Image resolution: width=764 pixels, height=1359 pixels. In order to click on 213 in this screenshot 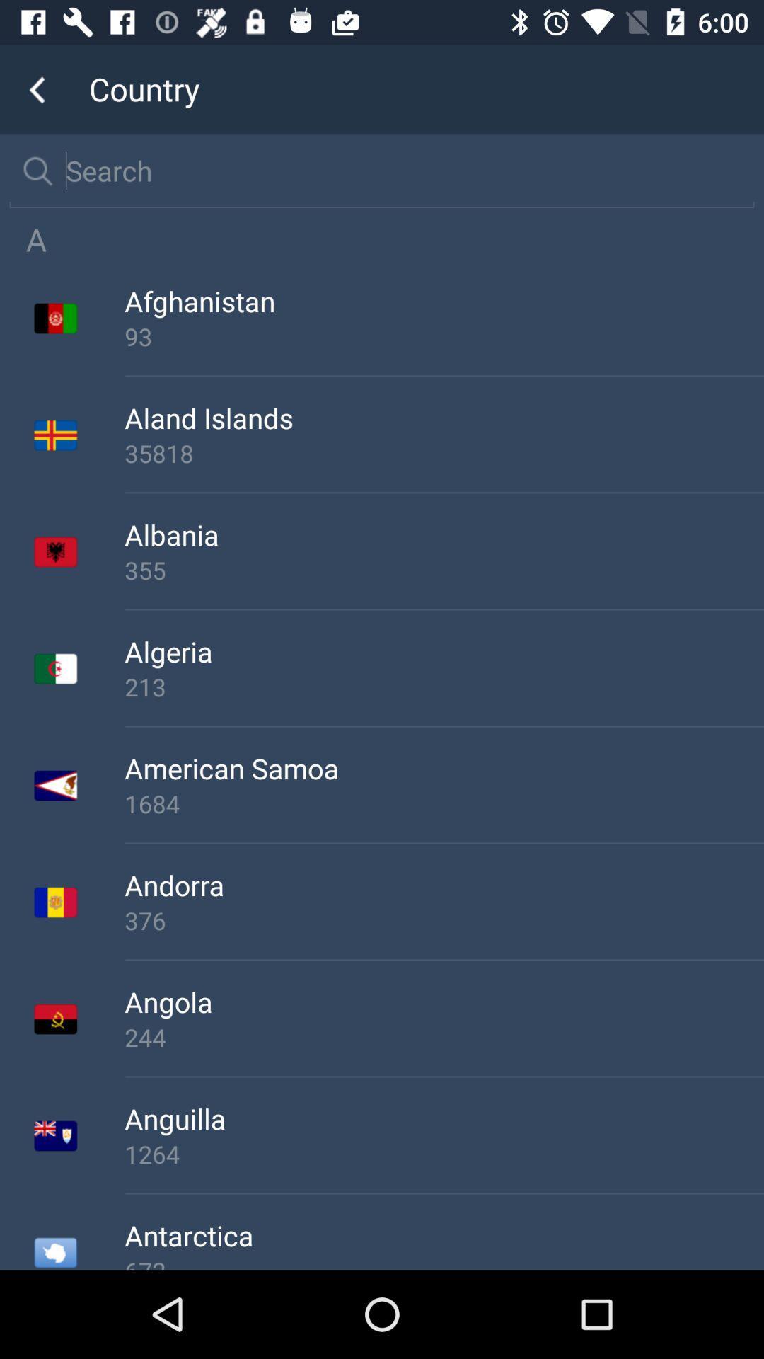, I will do `click(444, 687)`.